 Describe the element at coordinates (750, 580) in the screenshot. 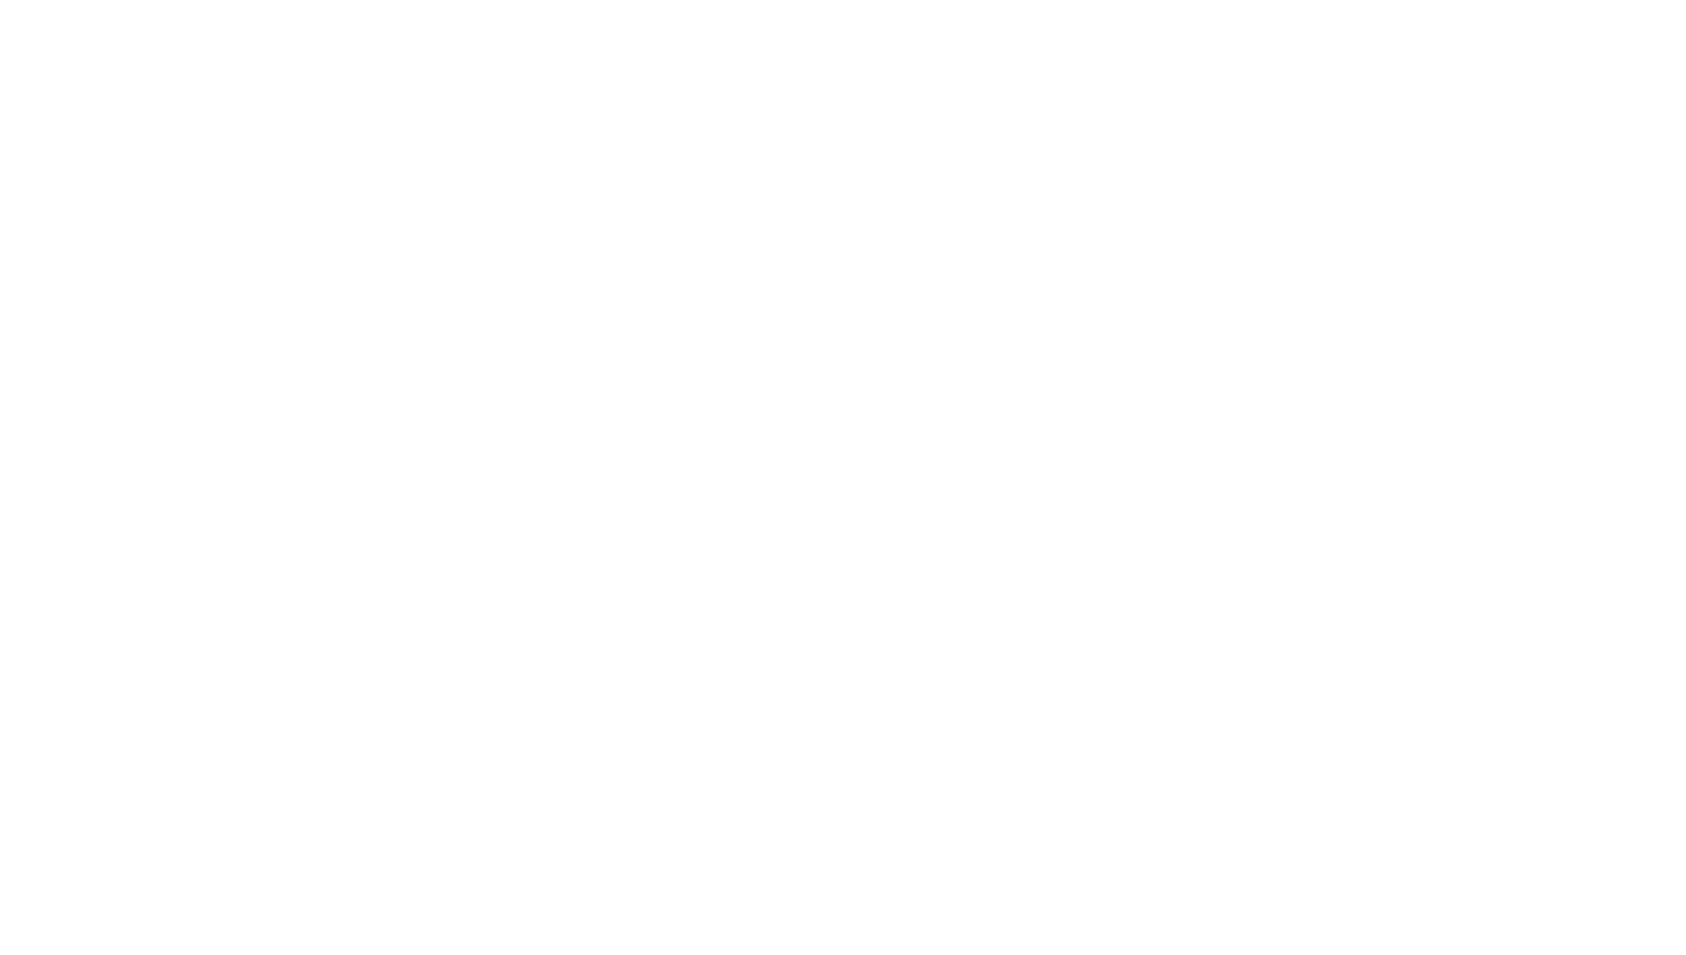

I see `'Auralex Debuts EcoPrint Custom-Printed Acoustical Absorbers'` at that location.